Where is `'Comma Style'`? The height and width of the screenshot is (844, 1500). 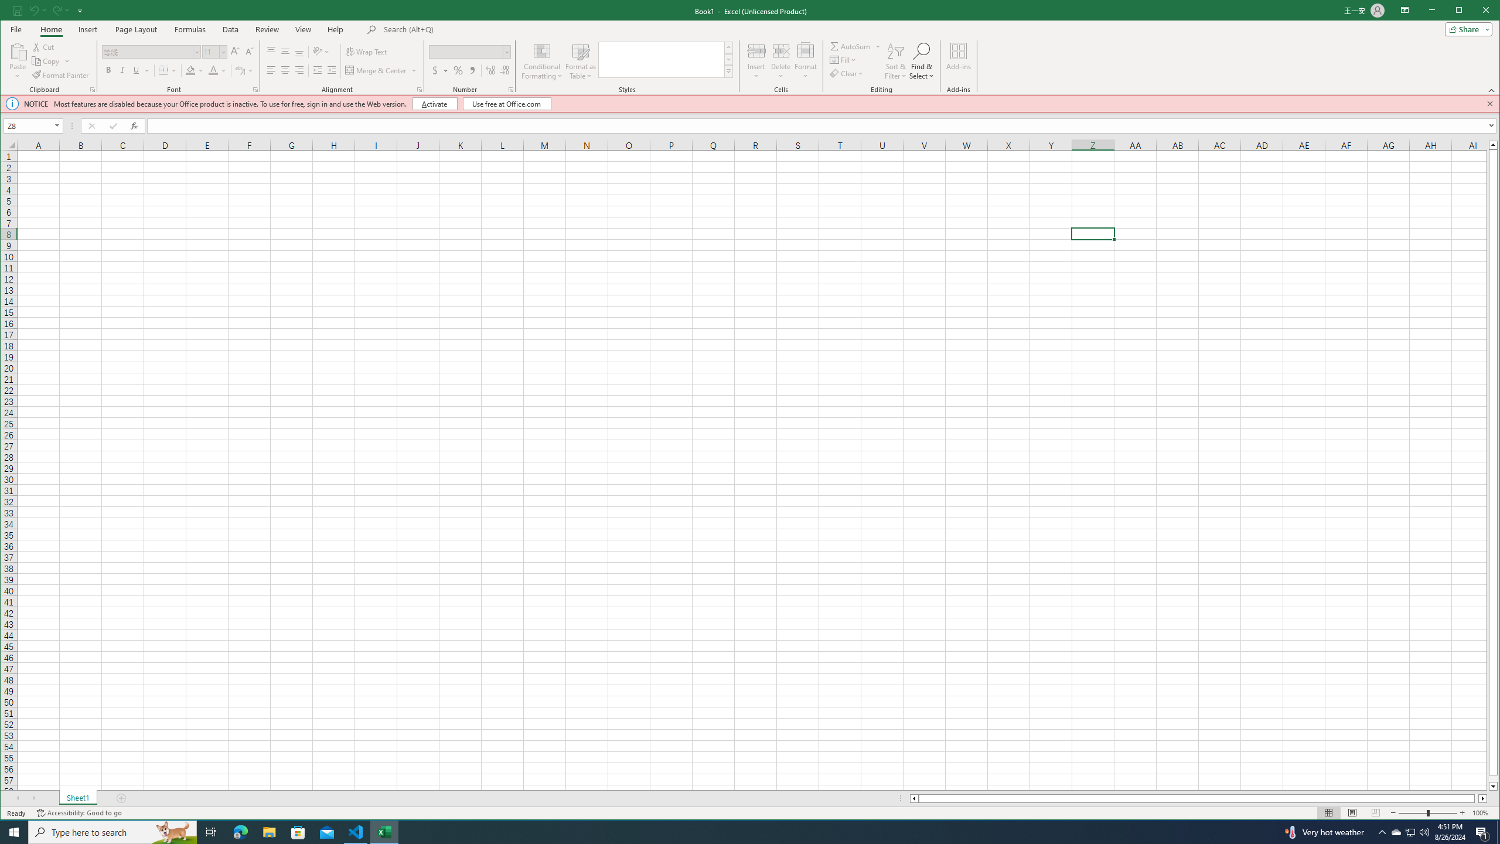 'Comma Style' is located at coordinates (472, 70).